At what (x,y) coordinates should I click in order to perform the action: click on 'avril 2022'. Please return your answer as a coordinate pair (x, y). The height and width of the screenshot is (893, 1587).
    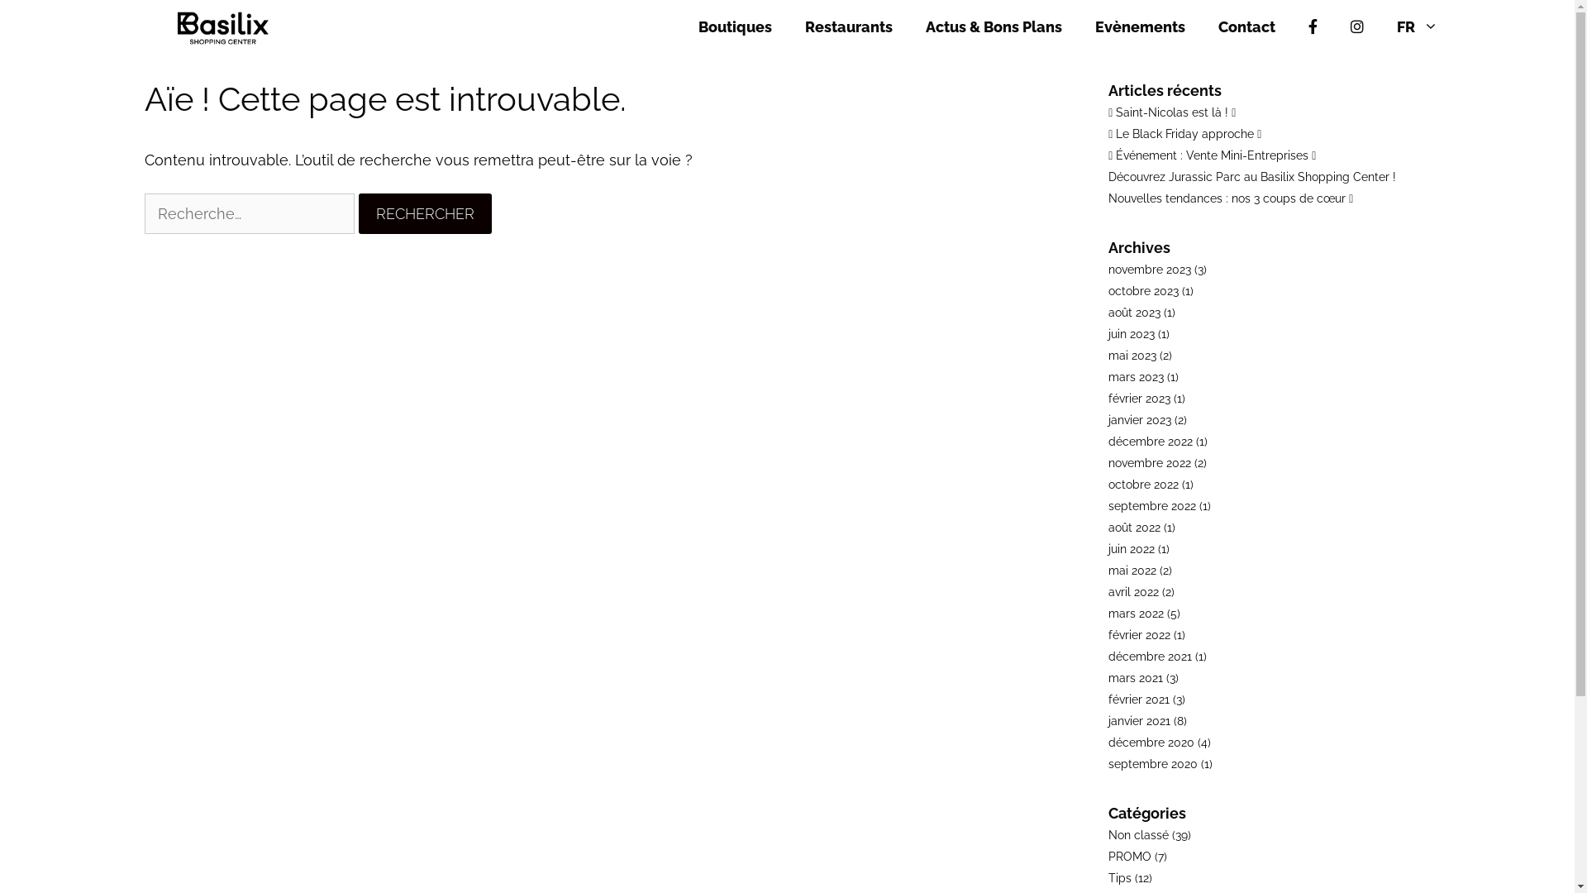
    Looking at the image, I should click on (1108, 591).